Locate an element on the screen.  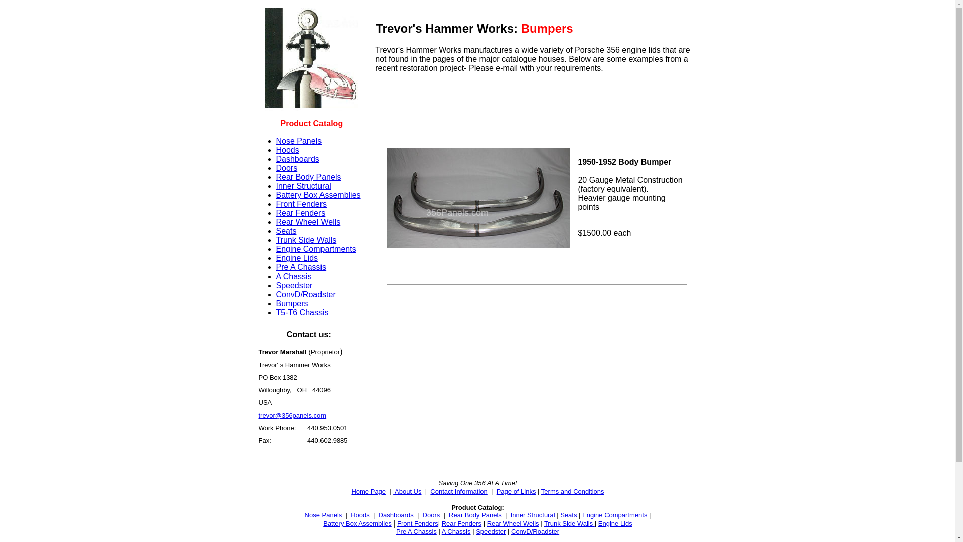
'trevor@356panels.com' is located at coordinates (292, 415).